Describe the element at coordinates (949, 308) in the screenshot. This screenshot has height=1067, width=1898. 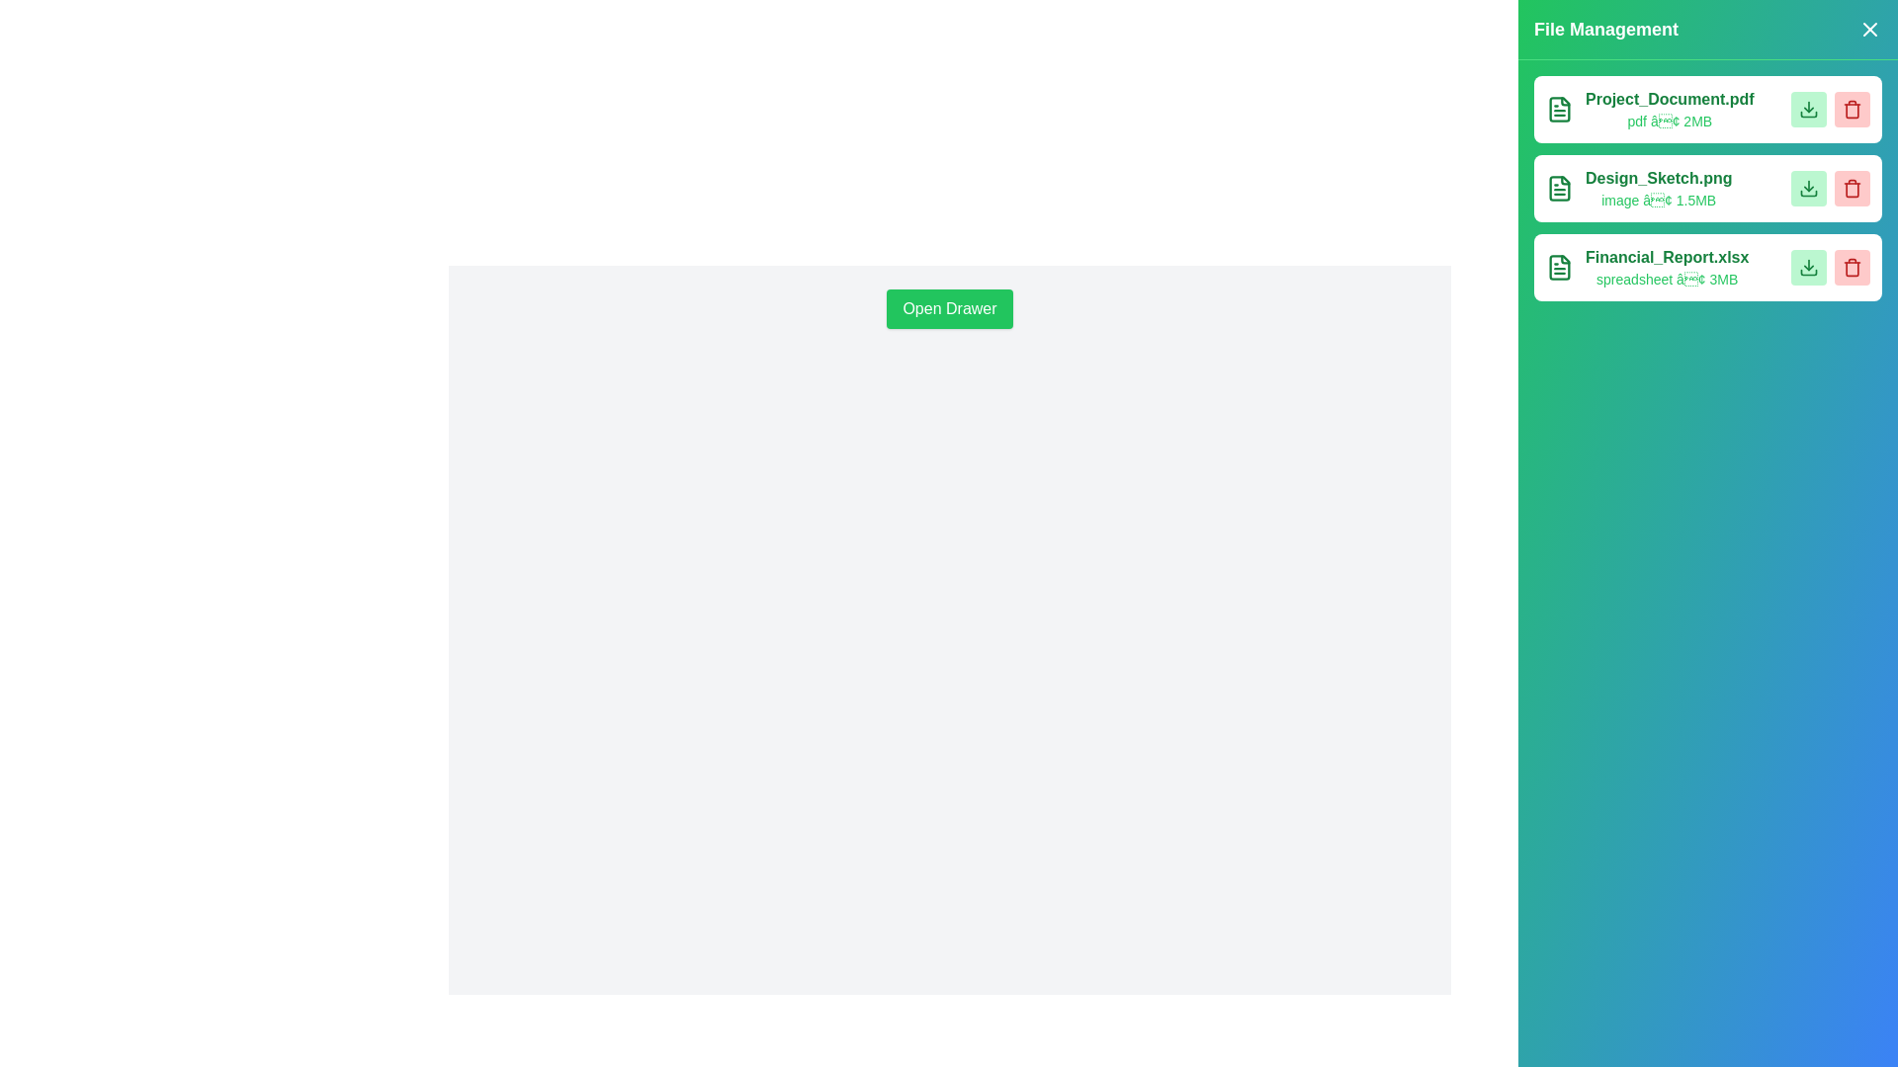
I see `'Open Drawer' button to open the FileManagementDrawer` at that location.